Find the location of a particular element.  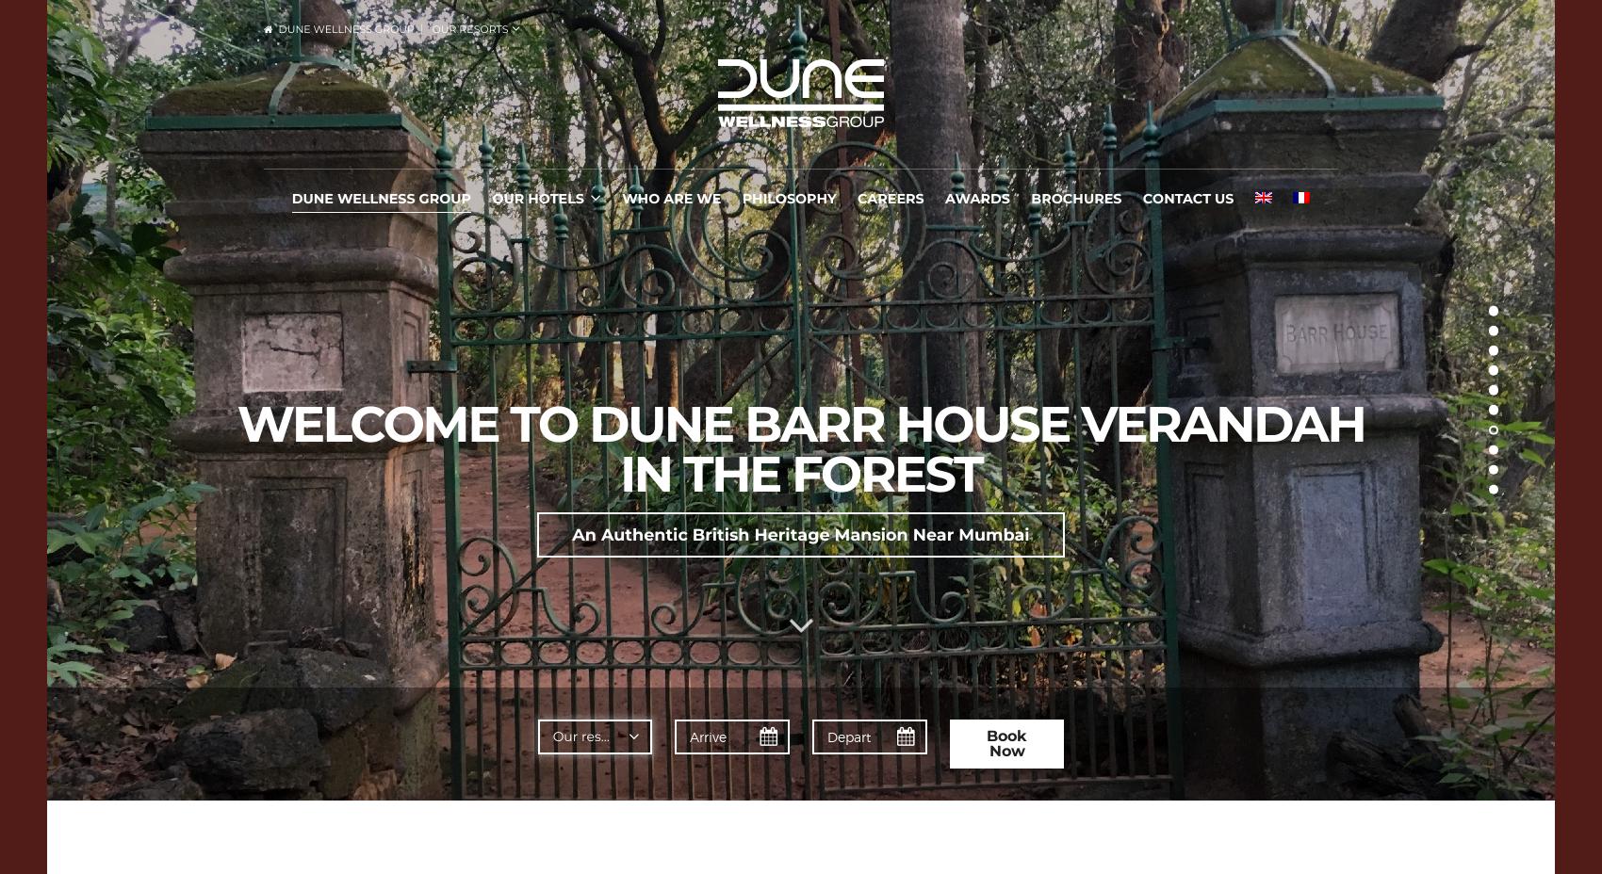

'WELCOME TO ELEPHANT VALLEY JUNGLE HOTEL' is located at coordinates (799, 480).